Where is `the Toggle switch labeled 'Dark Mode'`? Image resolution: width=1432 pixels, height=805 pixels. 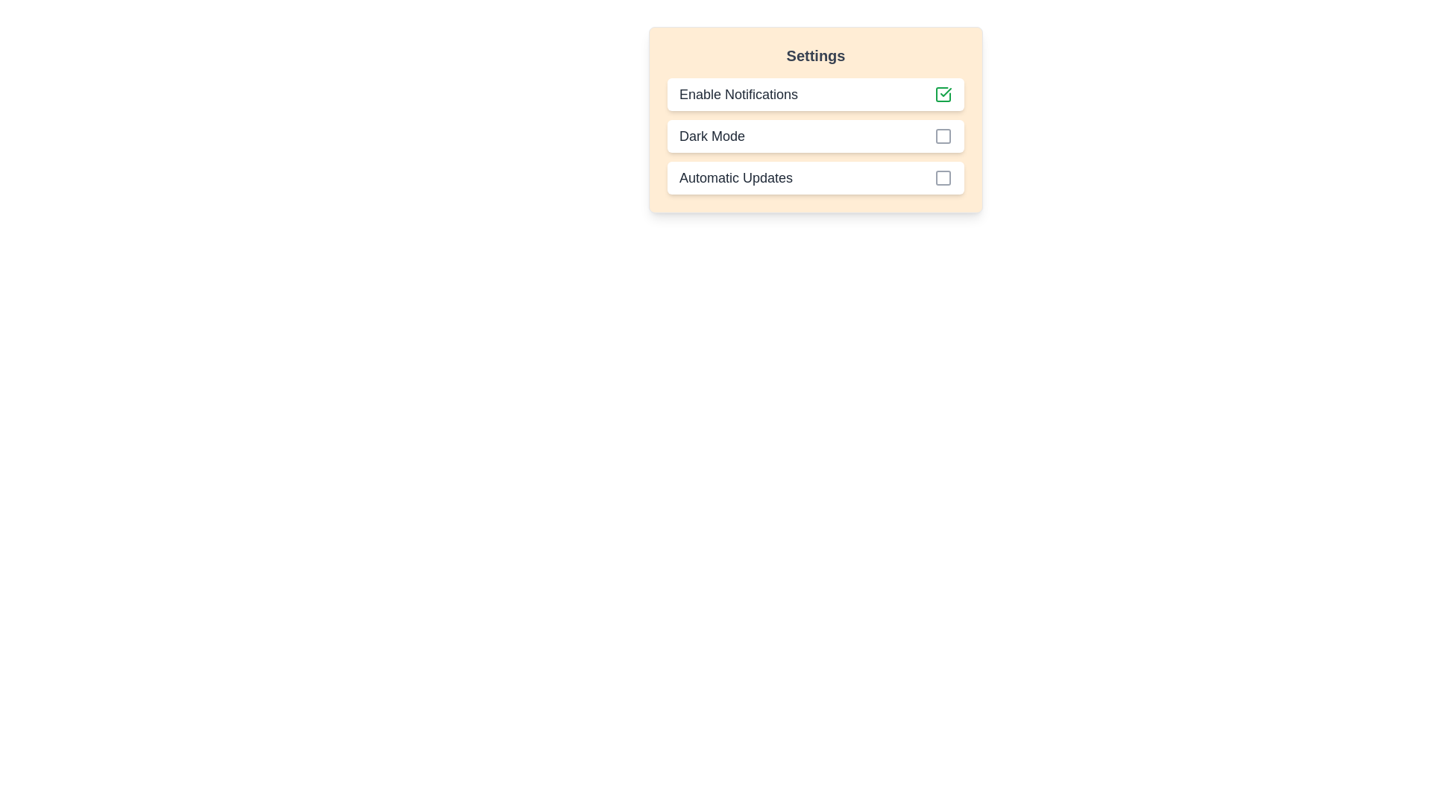
the Toggle switch labeled 'Dark Mode' is located at coordinates (815, 136).